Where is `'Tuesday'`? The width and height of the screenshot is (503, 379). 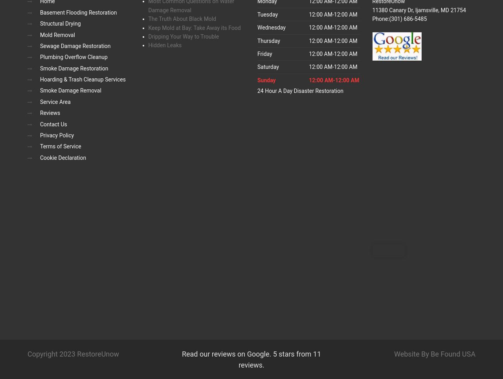
'Tuesday' is located at coordinates (267, 14).